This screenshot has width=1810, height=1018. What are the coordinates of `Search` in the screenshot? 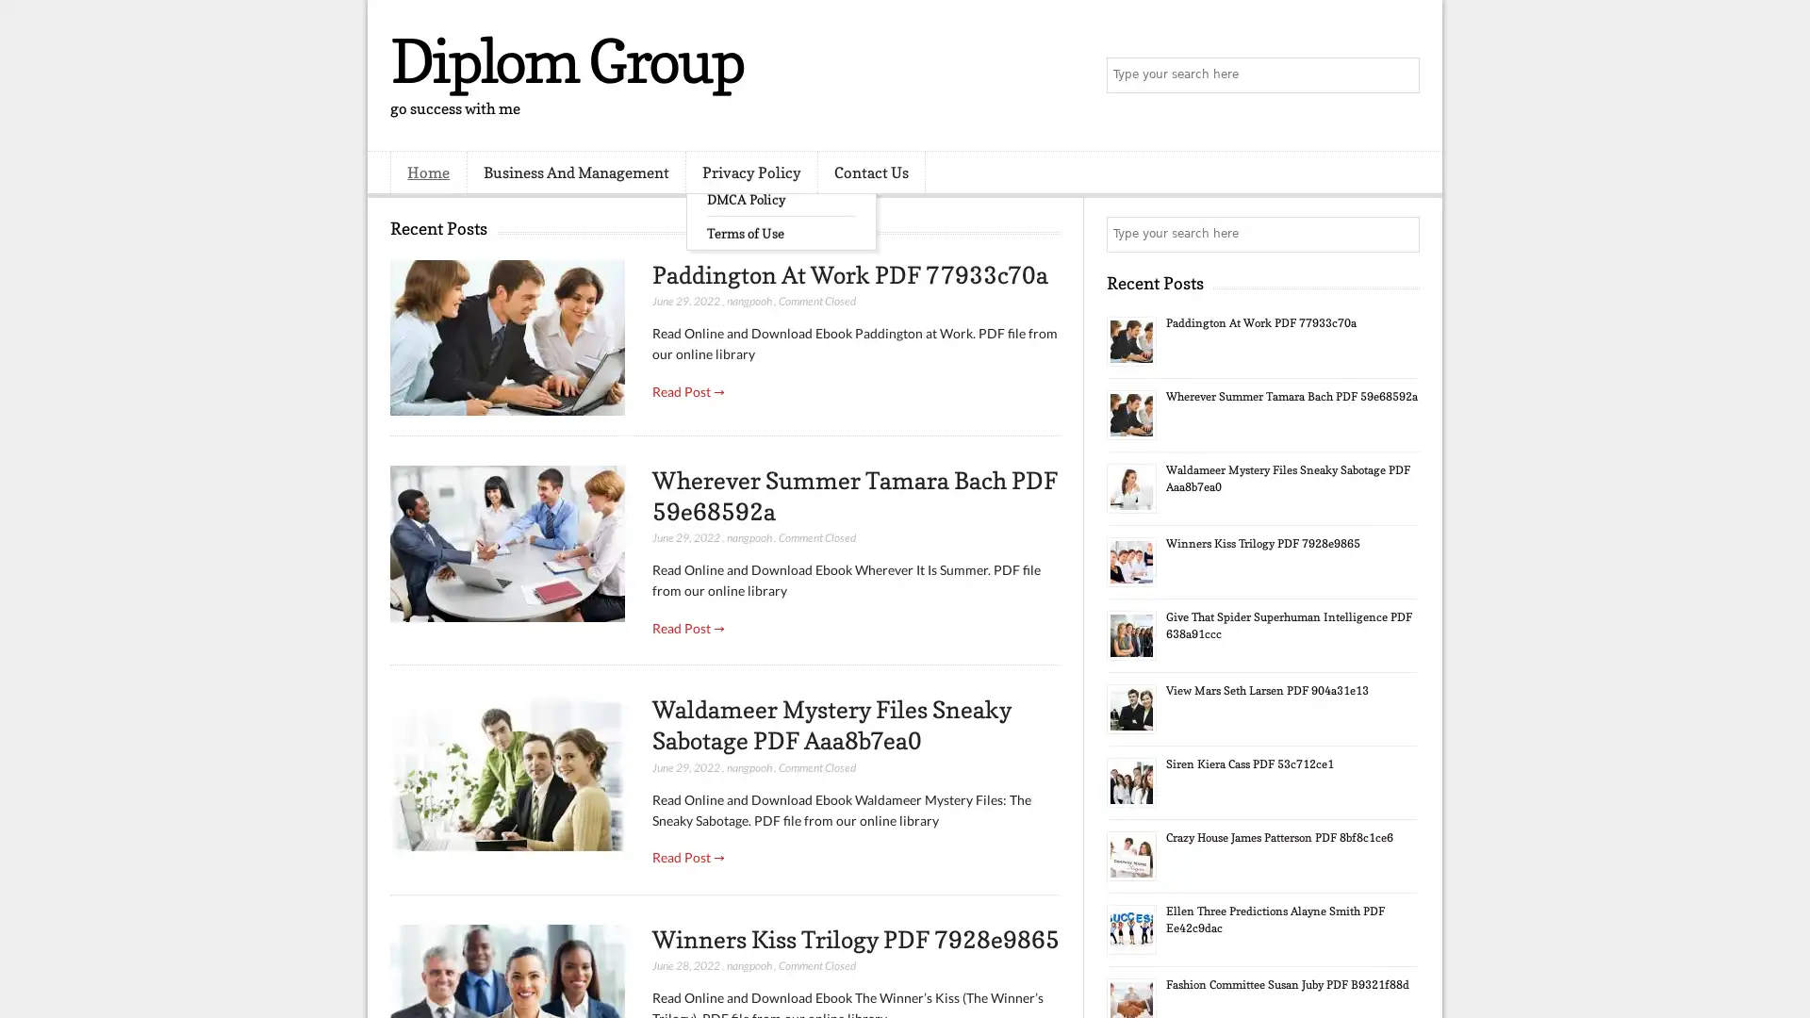 It's located at (1400, 75).